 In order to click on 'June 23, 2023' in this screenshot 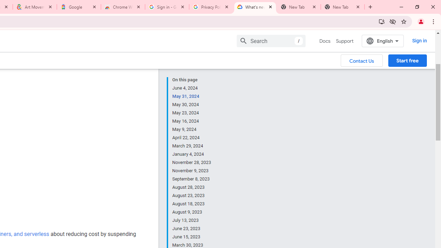, I will do `click(192, 229)`.